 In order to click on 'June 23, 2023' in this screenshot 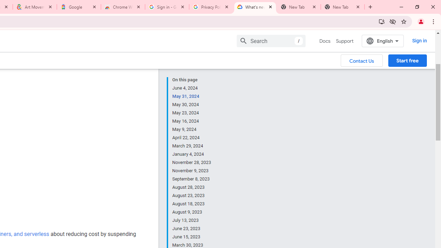, I will do `click(192, 229)`.